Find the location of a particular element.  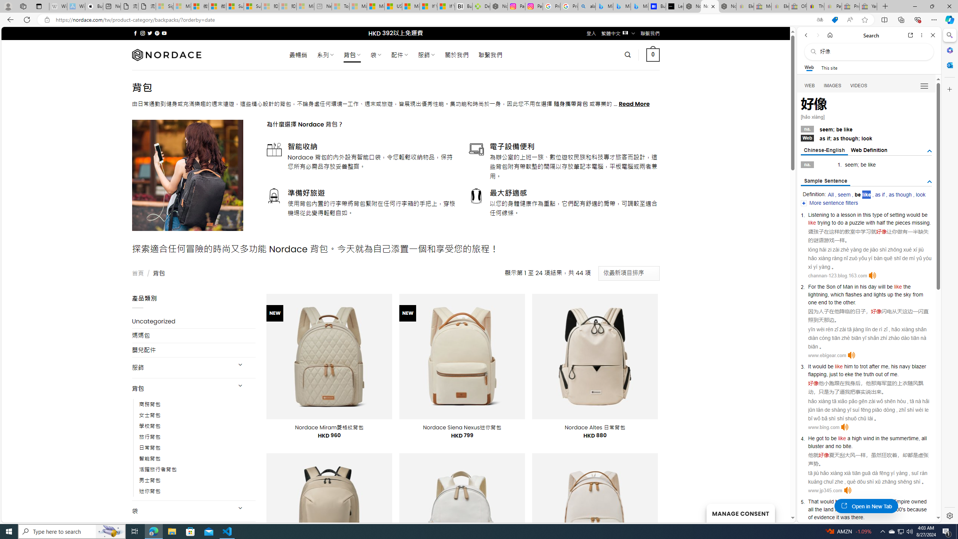

'to' is located at coordinates (855, 366).